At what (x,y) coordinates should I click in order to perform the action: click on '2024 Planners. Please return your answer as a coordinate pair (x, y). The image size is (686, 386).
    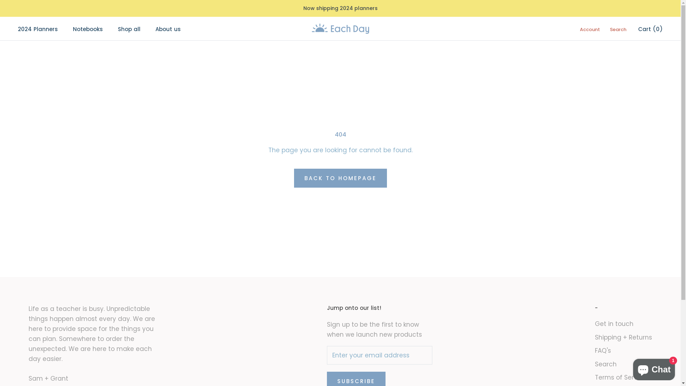
    Looking at the image, I should click on (37, 29).